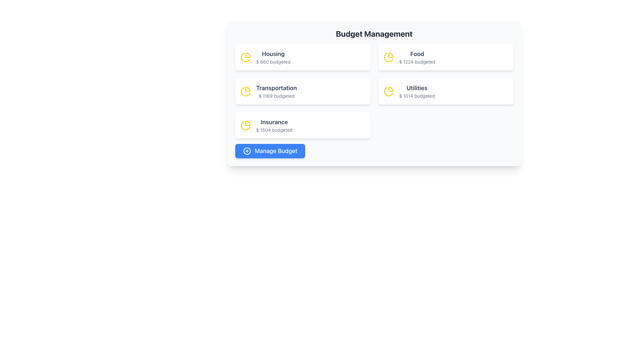  I want to click on the 'Utilities' summary box in the Budget Management section, so click(446, 91).